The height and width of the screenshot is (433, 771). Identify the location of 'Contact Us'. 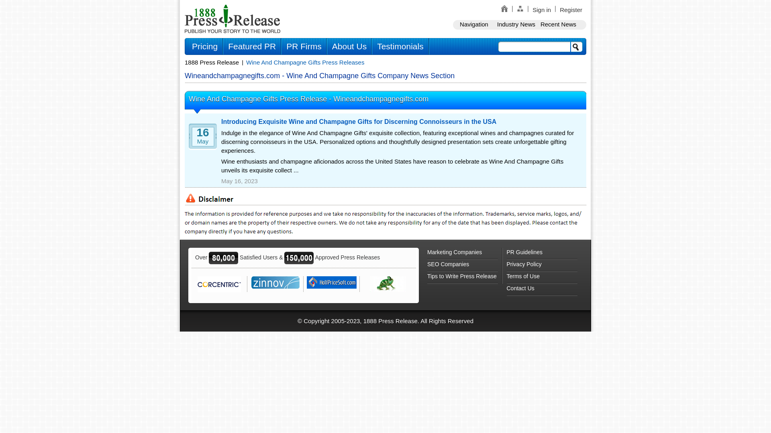
(542, 289).